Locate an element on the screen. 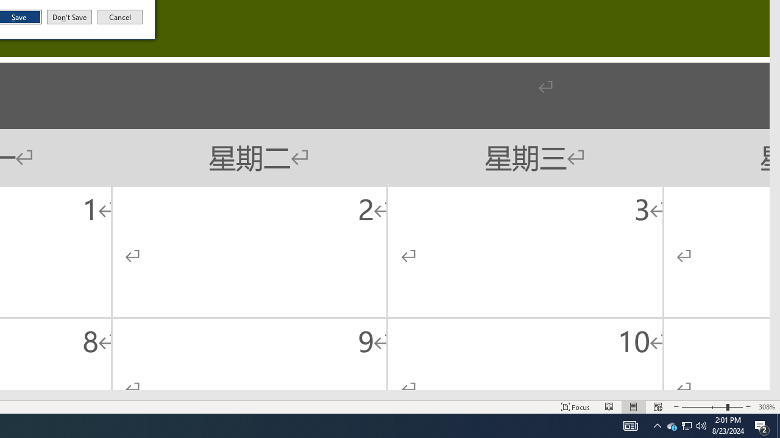 This screenshot has height=438, width=780. 'Focus ' is located at coordinates (575, 407).